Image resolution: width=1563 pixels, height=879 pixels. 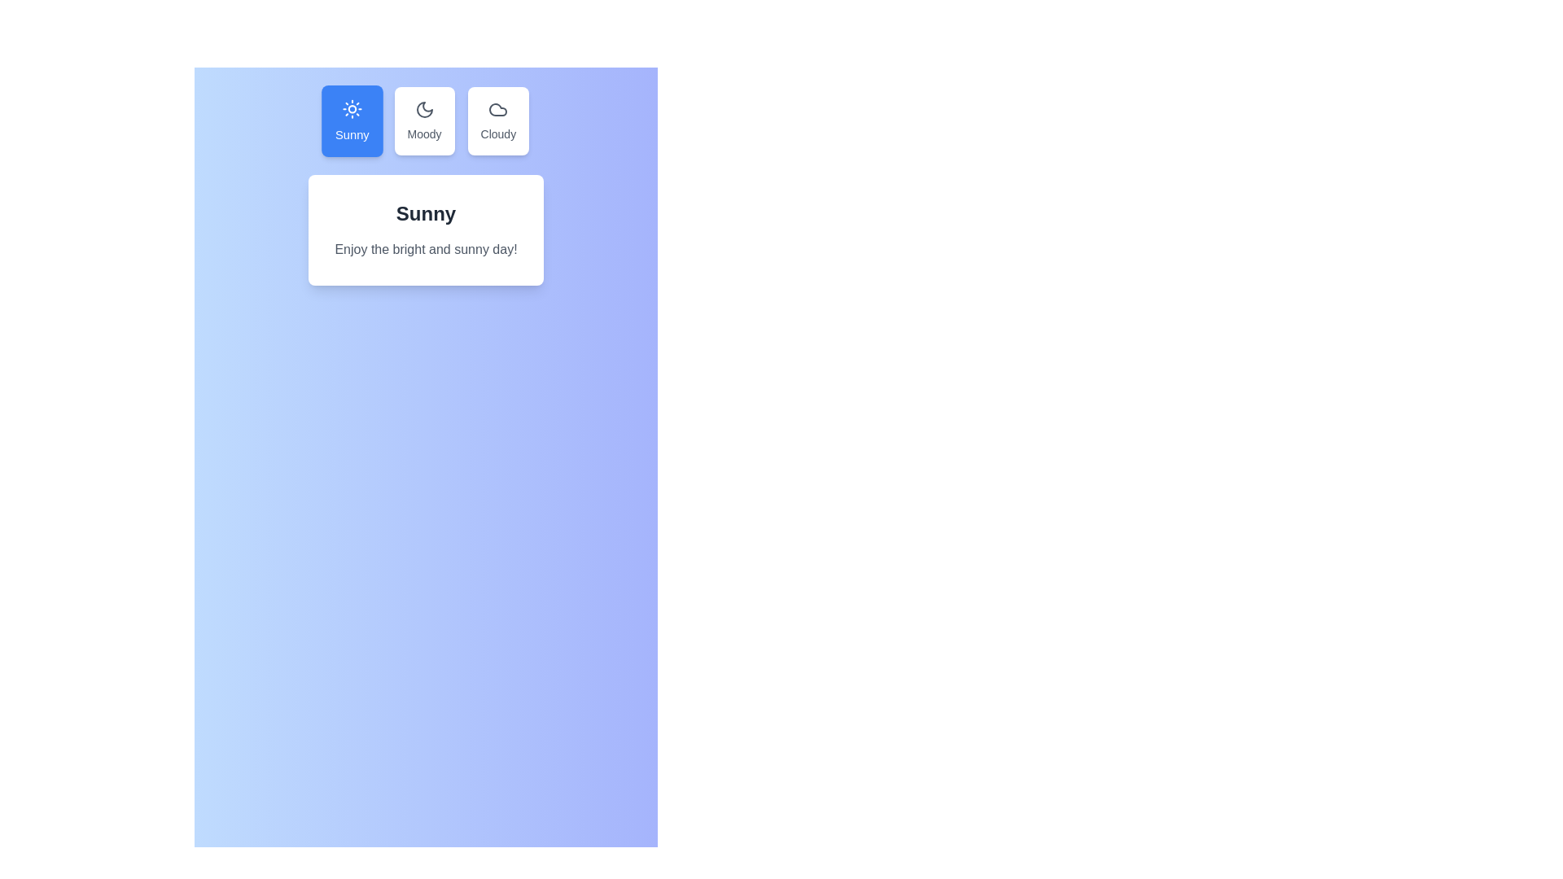 I want to click on the Cloudy tab to select it, so click(x=497, y=120).